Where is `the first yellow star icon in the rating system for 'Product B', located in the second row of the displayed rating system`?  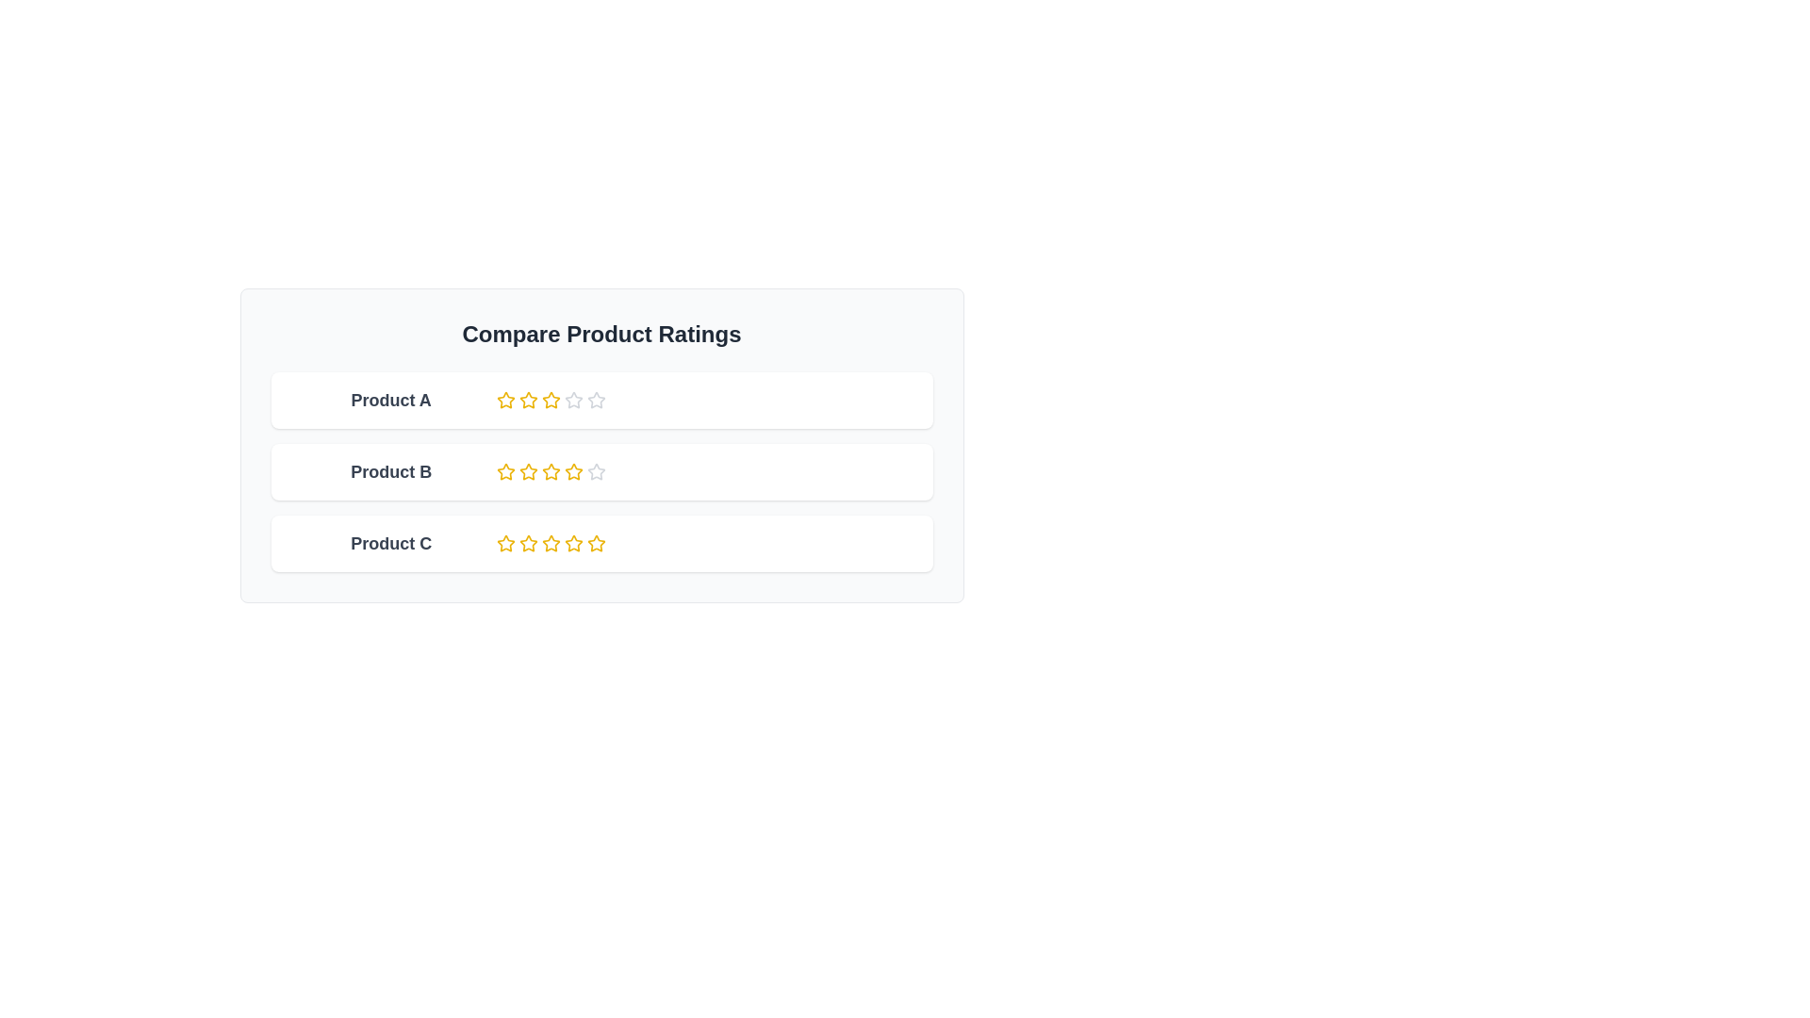
the first yellow star icon in the rating system for 'Product B', located in the second row of the displayed rating system is located at coordinates (505, 471).